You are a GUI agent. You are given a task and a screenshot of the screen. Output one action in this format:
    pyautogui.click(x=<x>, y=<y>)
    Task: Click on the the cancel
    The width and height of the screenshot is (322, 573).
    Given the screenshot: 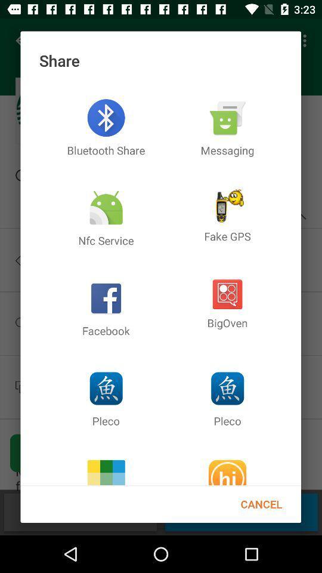 What is the action you would take?
    pyautogui.click(x=261, y=503)
    